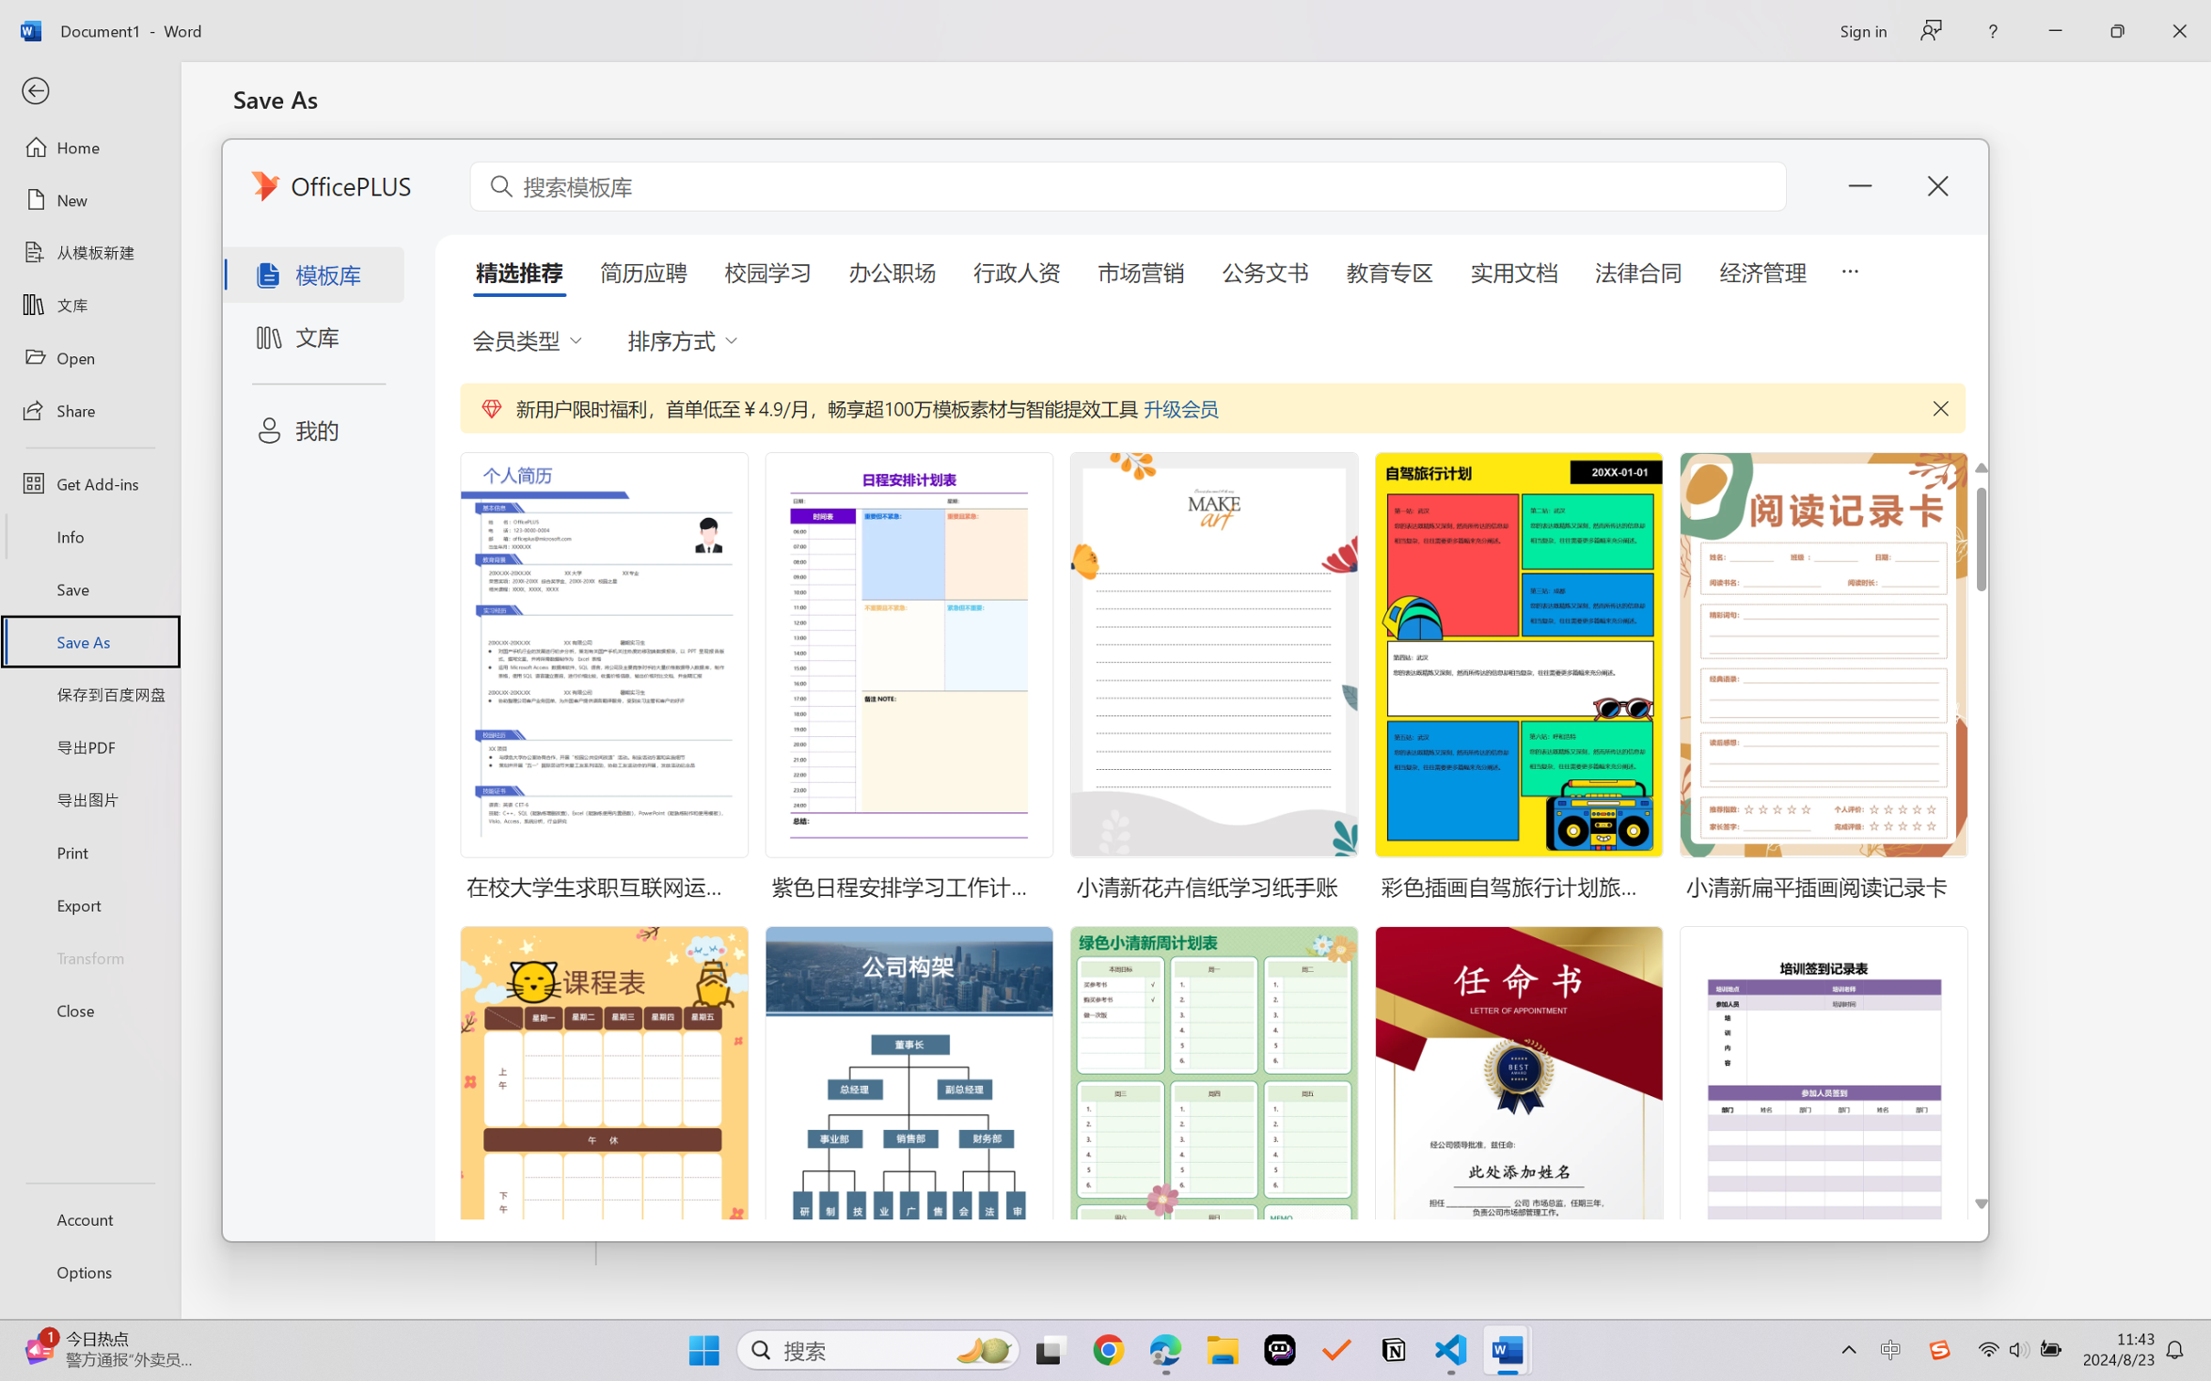  Describe the element at coordinates (89, 535) in the screenshot. I see `'Info'` at that location.